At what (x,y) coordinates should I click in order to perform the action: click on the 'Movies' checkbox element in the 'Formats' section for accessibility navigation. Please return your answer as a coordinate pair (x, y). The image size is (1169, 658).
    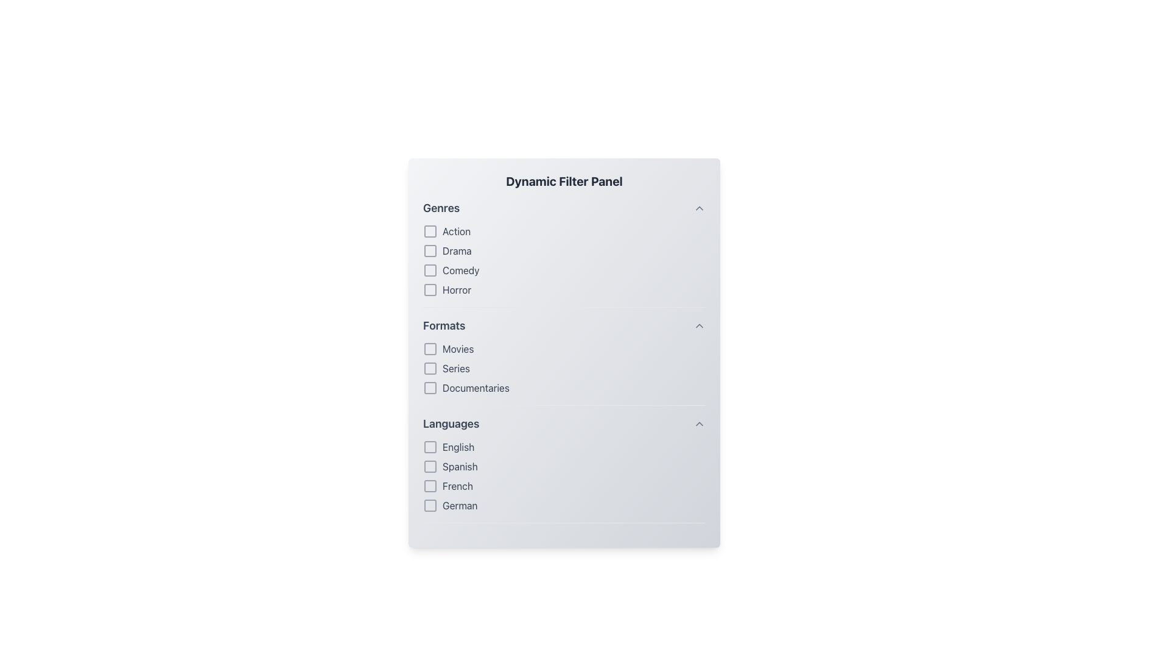
    Looking at the image, I should click on (563, 349).